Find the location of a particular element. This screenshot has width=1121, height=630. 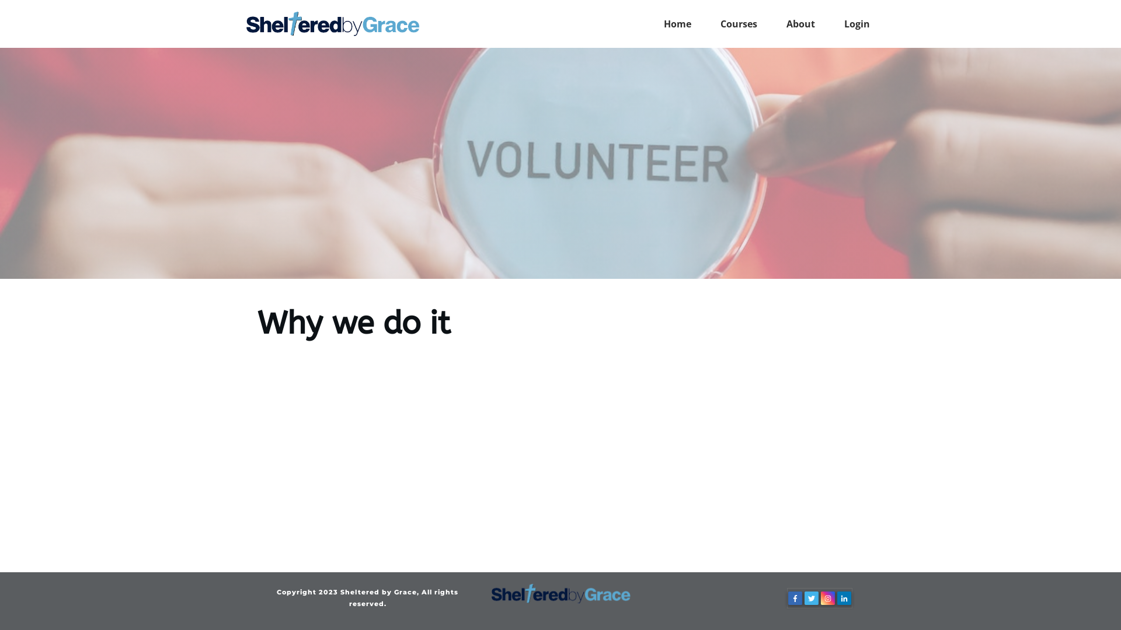

'Home' is located at coordinates (677, 24).